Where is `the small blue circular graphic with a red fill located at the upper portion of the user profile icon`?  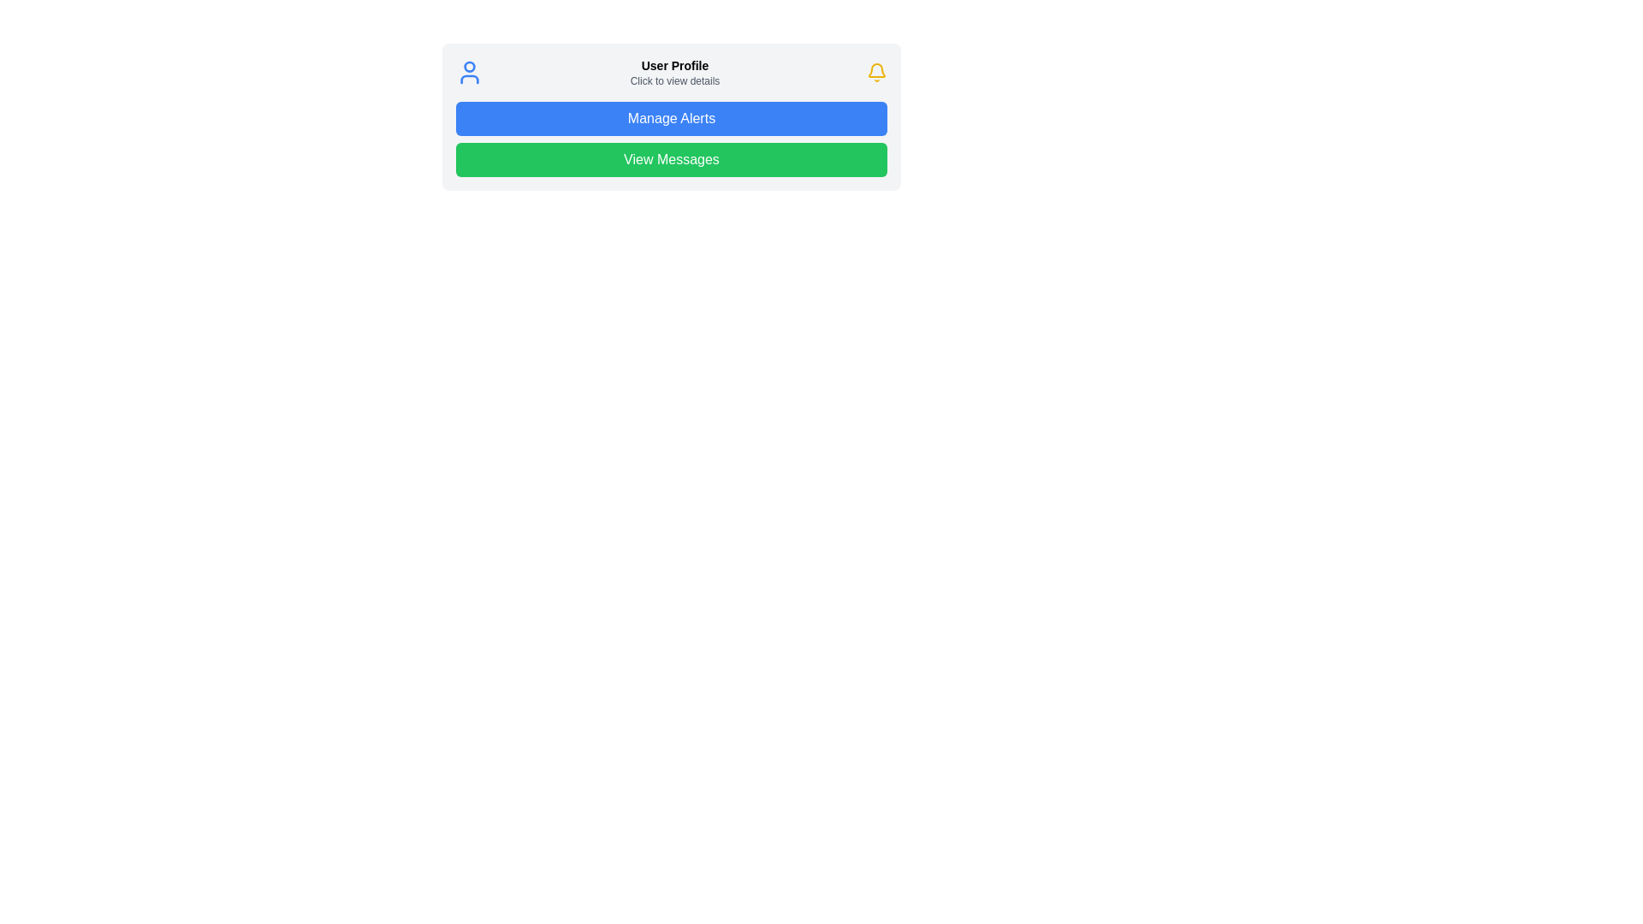 the small blue circular graphic with a red fill located at the upper portion of the user profile icon is located at coordinates (469, 65).